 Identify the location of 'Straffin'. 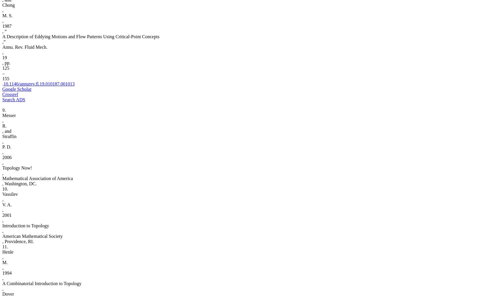
(9, 136).